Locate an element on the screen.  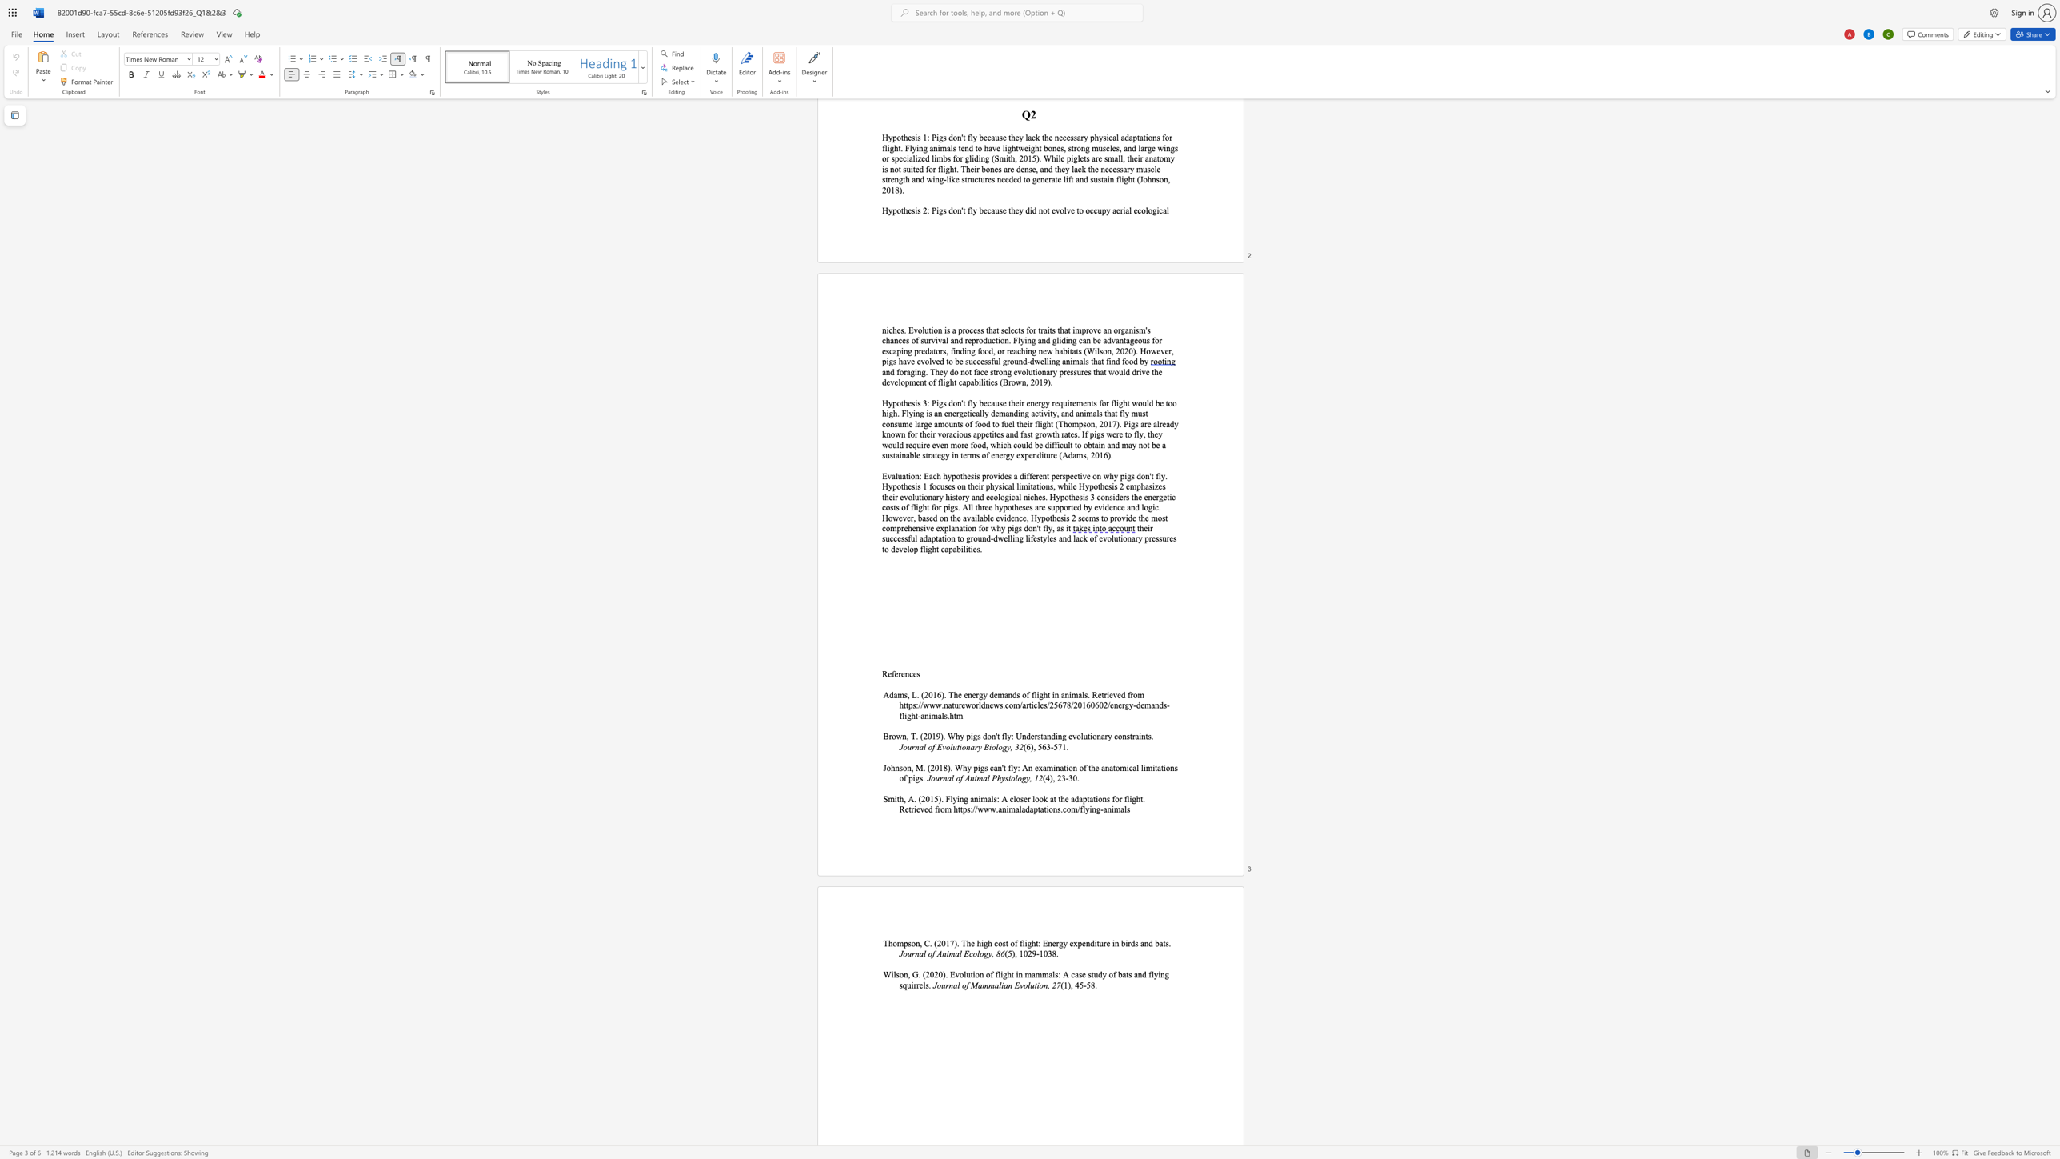
the space between the continuous character "e" and "n" in the text is located at coordinates (904, 673).